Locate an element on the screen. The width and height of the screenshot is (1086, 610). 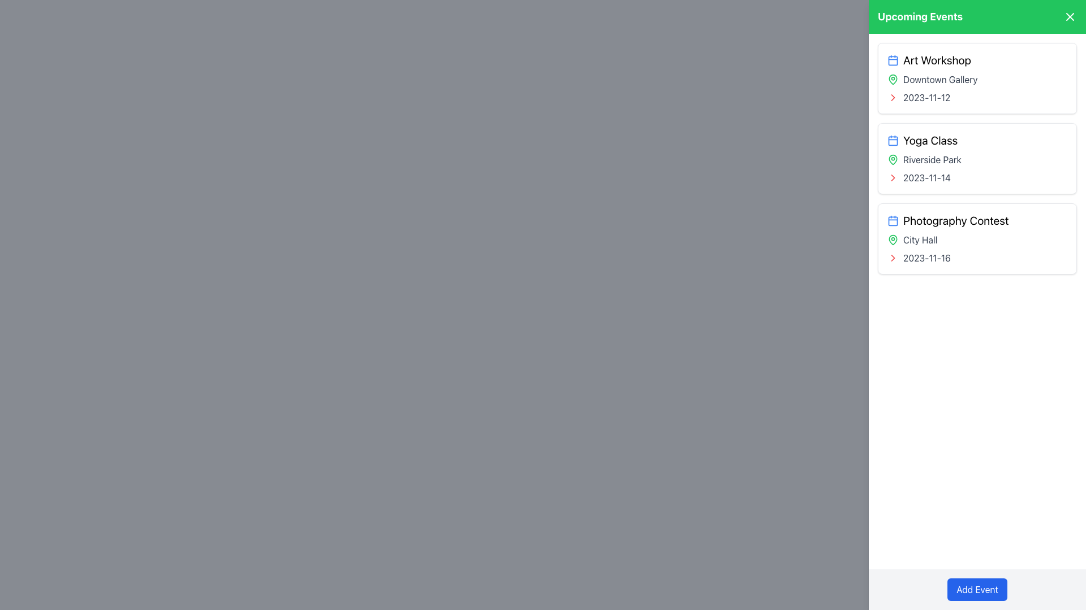
text label that serves as the title for the 'Photography Contest' event, which is part of the event's informational card and is located in the third item of the 'Upcoming Events' list in the right sidebar is located at coordinates (977, 220).